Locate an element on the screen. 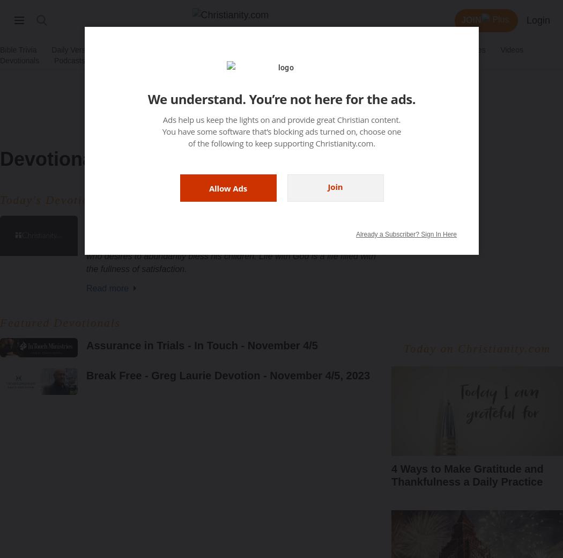  'Login' is located at coordinates (538, 19).